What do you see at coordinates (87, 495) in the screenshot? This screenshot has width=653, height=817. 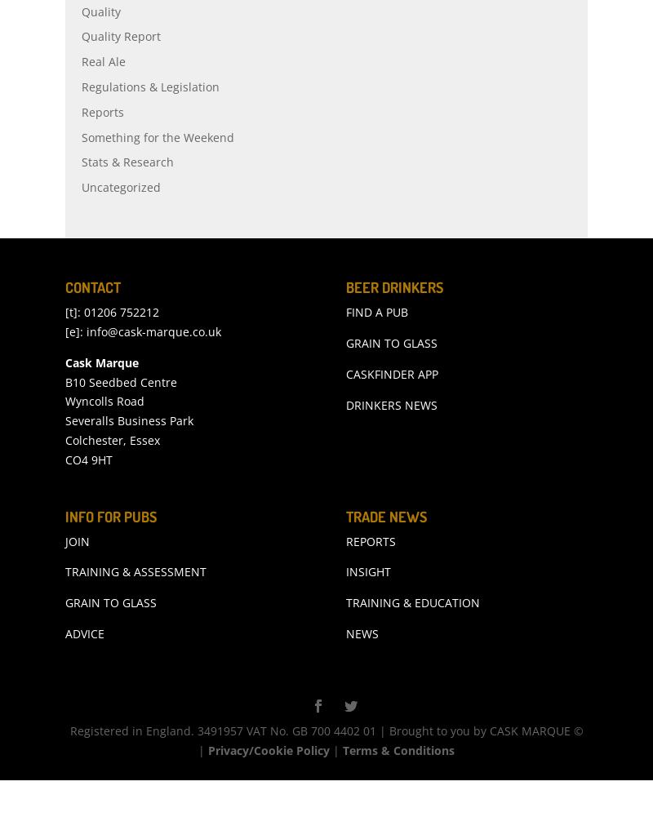 I see `'CO4 9HT'` at bounding box center [87, 495].